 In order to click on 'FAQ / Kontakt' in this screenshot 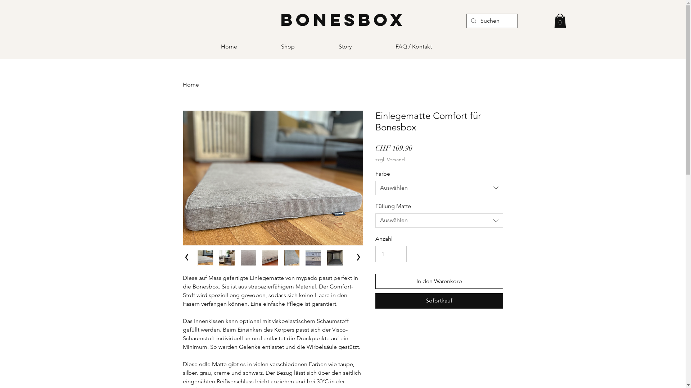, I will do `click(390, 47)`.